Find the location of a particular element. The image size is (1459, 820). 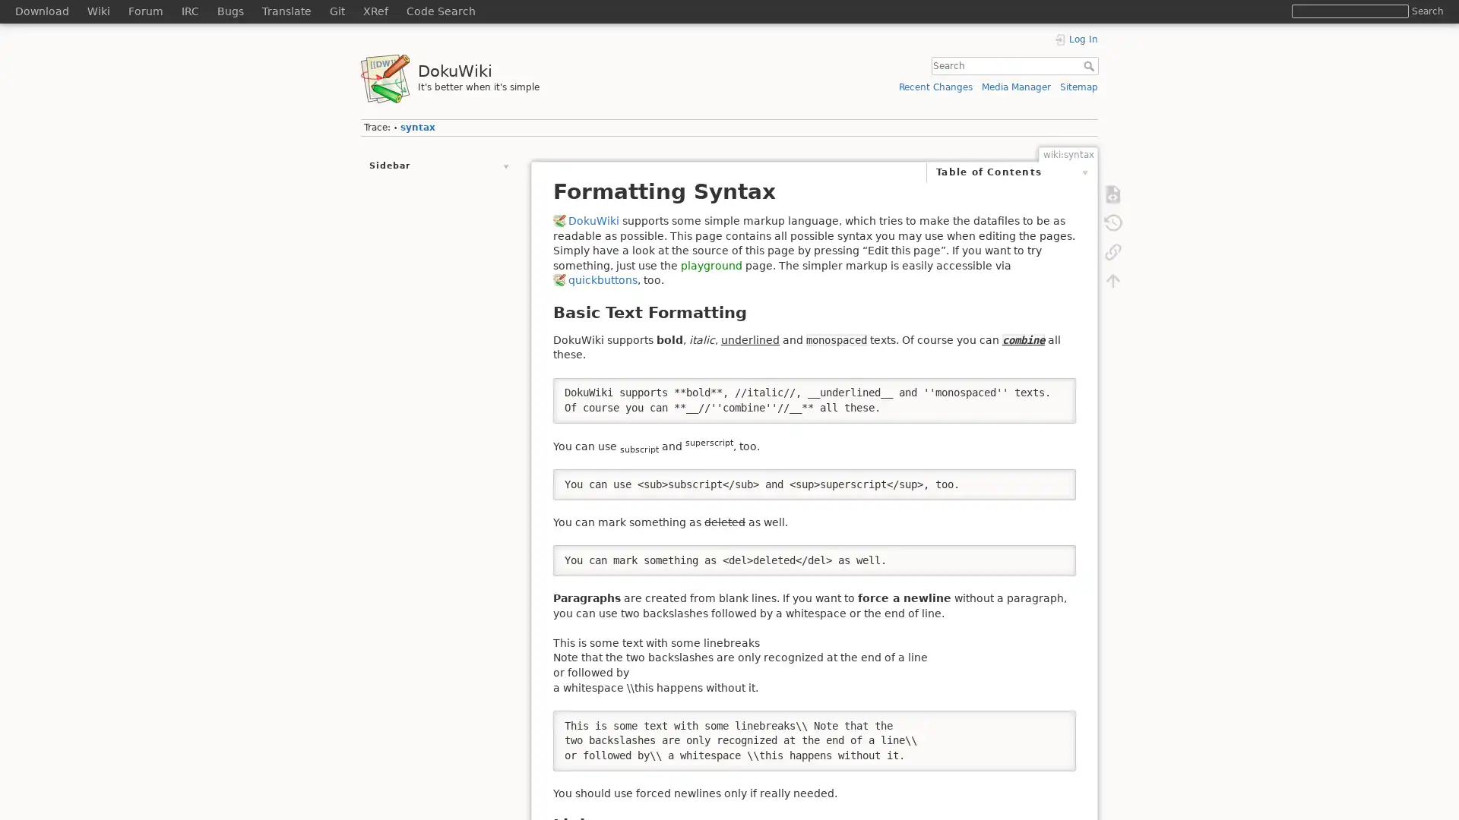

Search is located at coordinates (1090, 65).